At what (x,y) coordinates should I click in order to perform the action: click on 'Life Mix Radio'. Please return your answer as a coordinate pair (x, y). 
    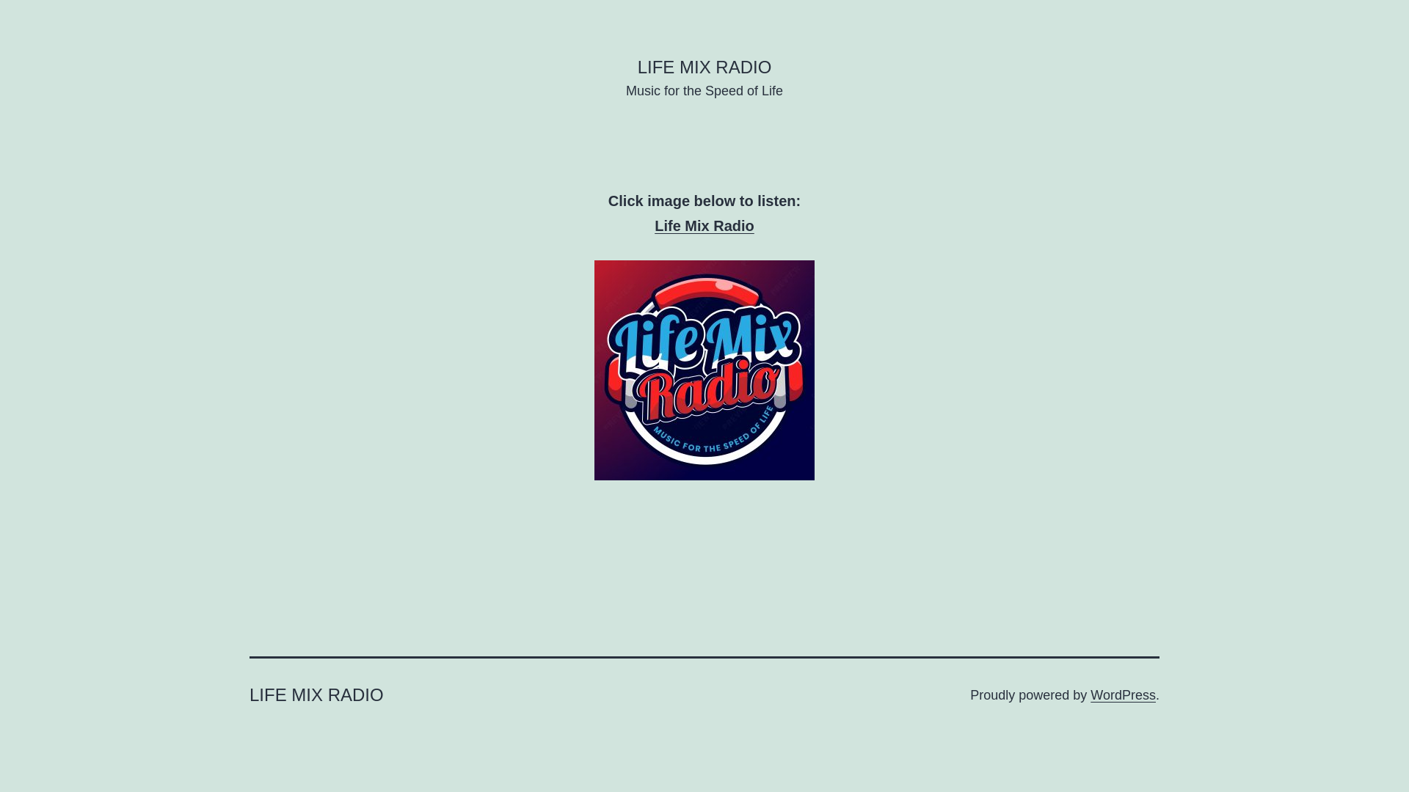
    Looking at the image, I should click on (704, 226).